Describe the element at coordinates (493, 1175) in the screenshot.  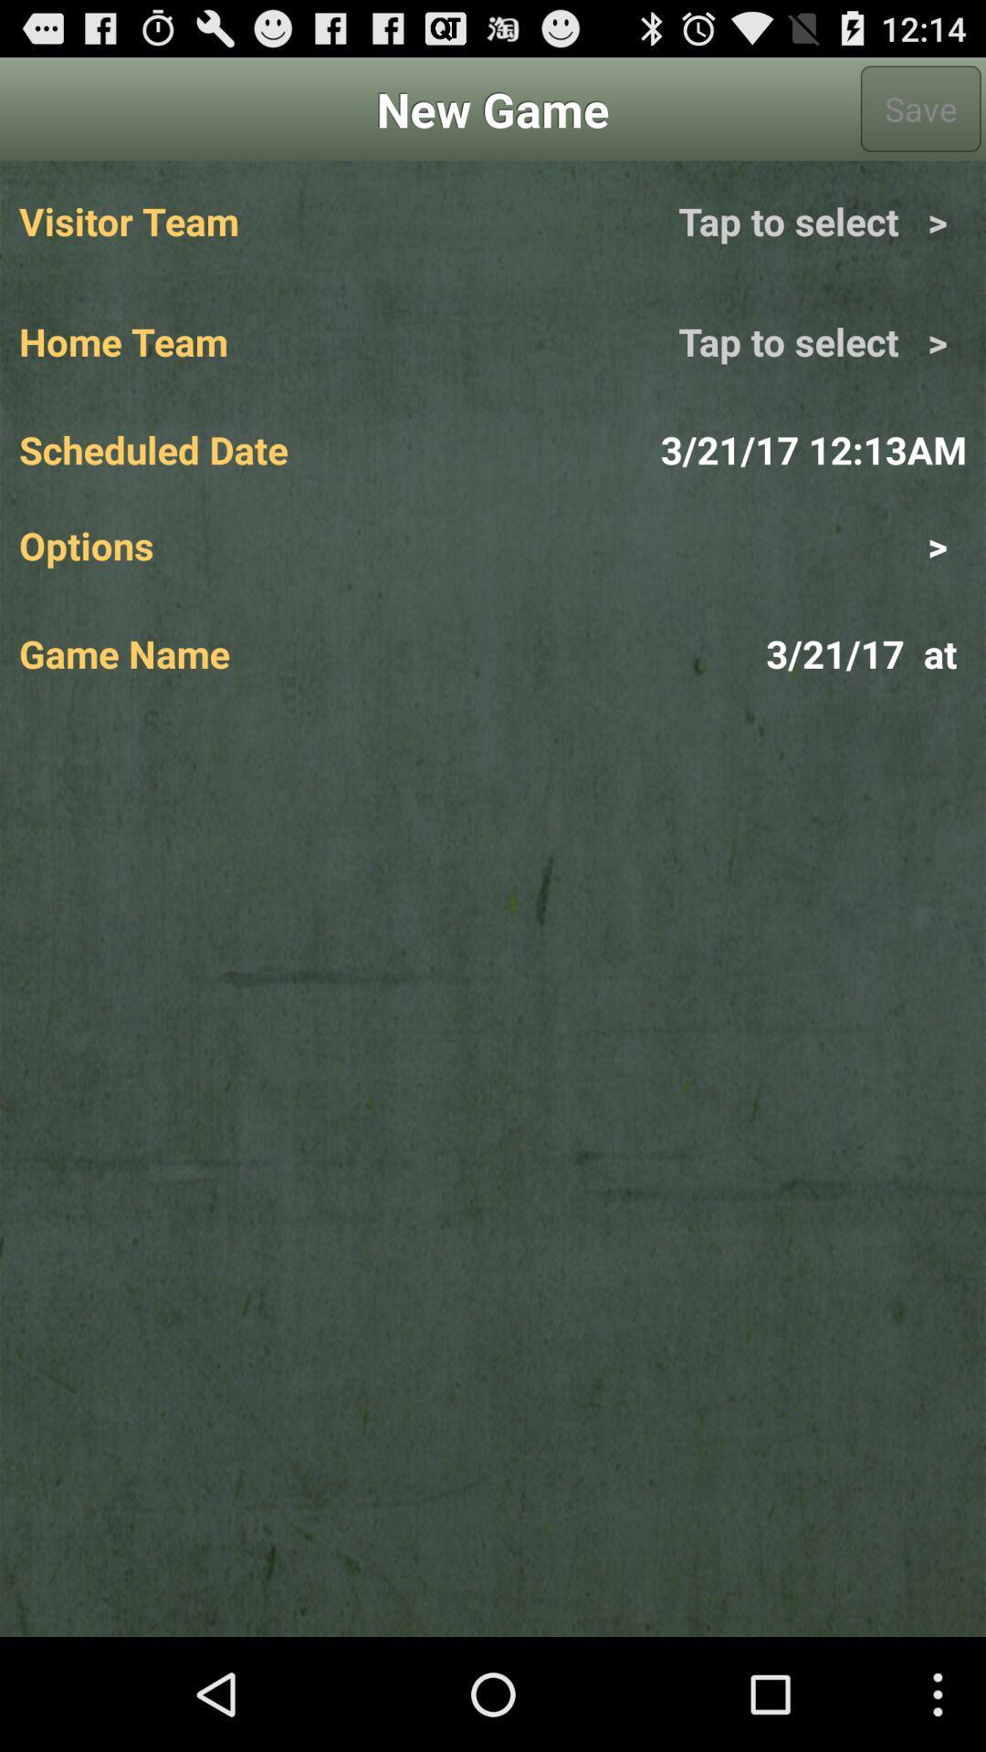
I see `the item below the game name app` at that location.